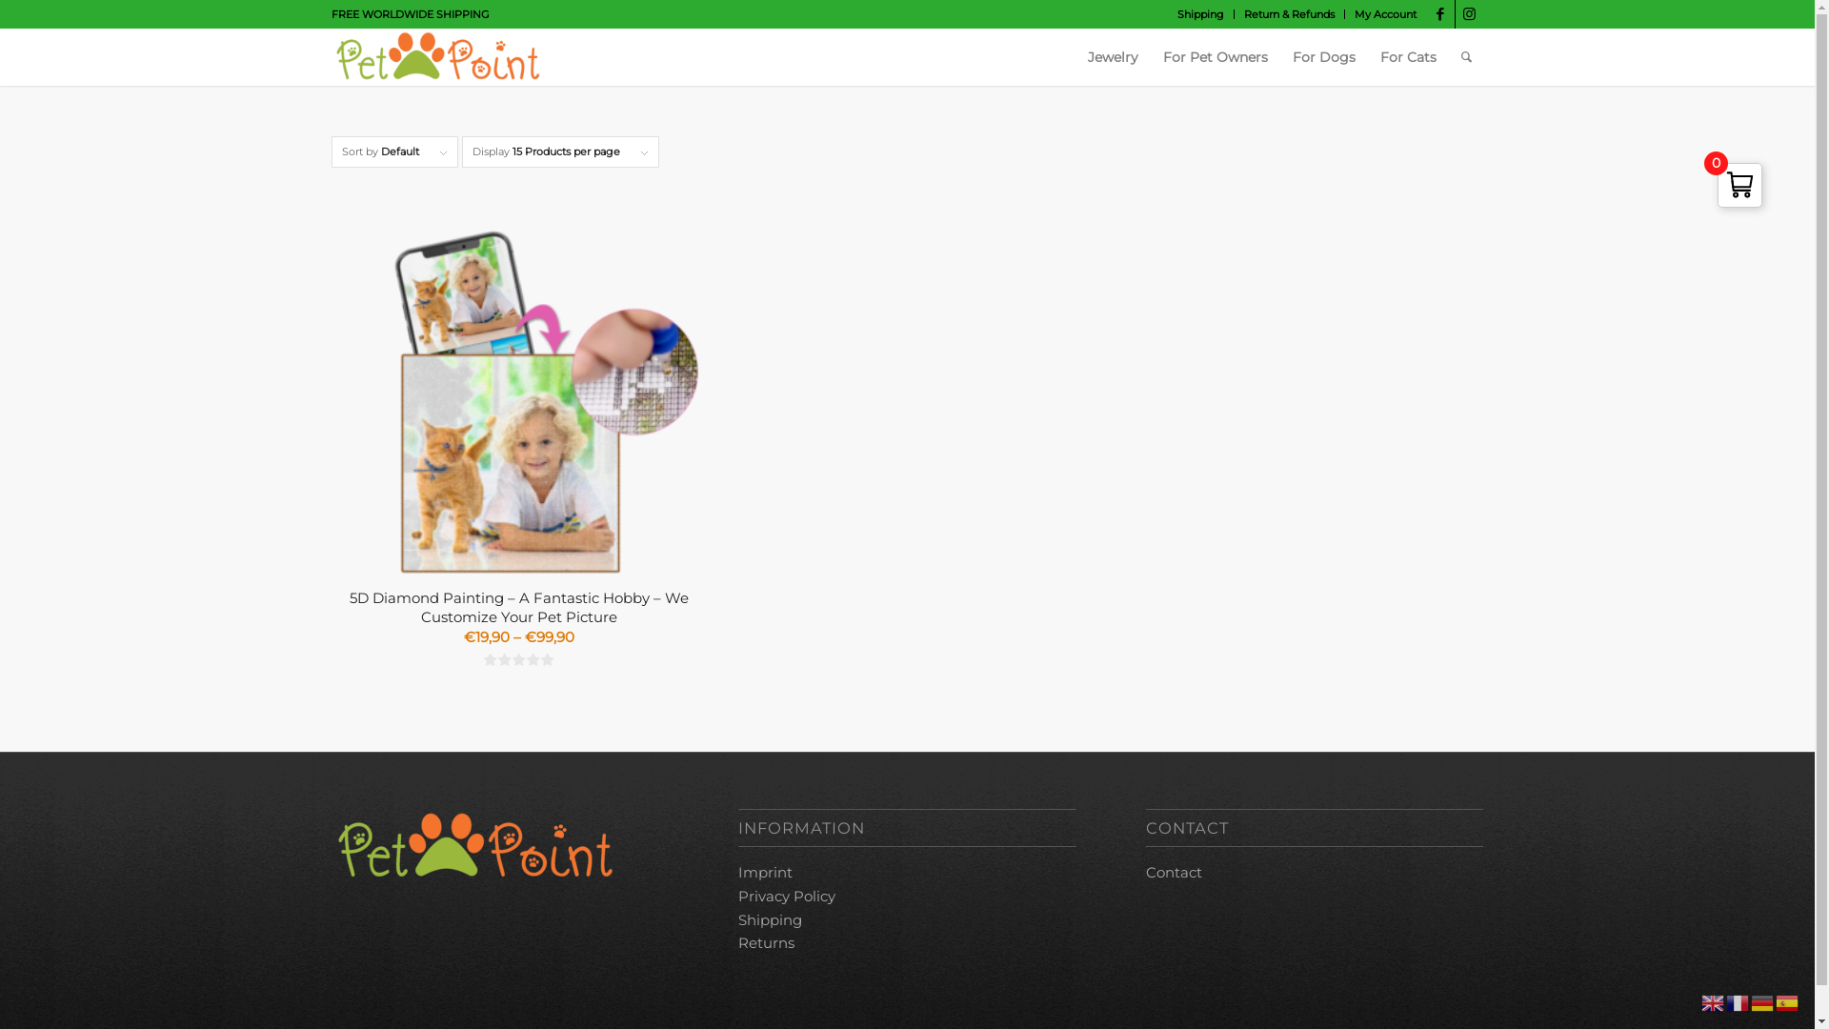  I want to click on 'Facebook', so click(1440, 14).